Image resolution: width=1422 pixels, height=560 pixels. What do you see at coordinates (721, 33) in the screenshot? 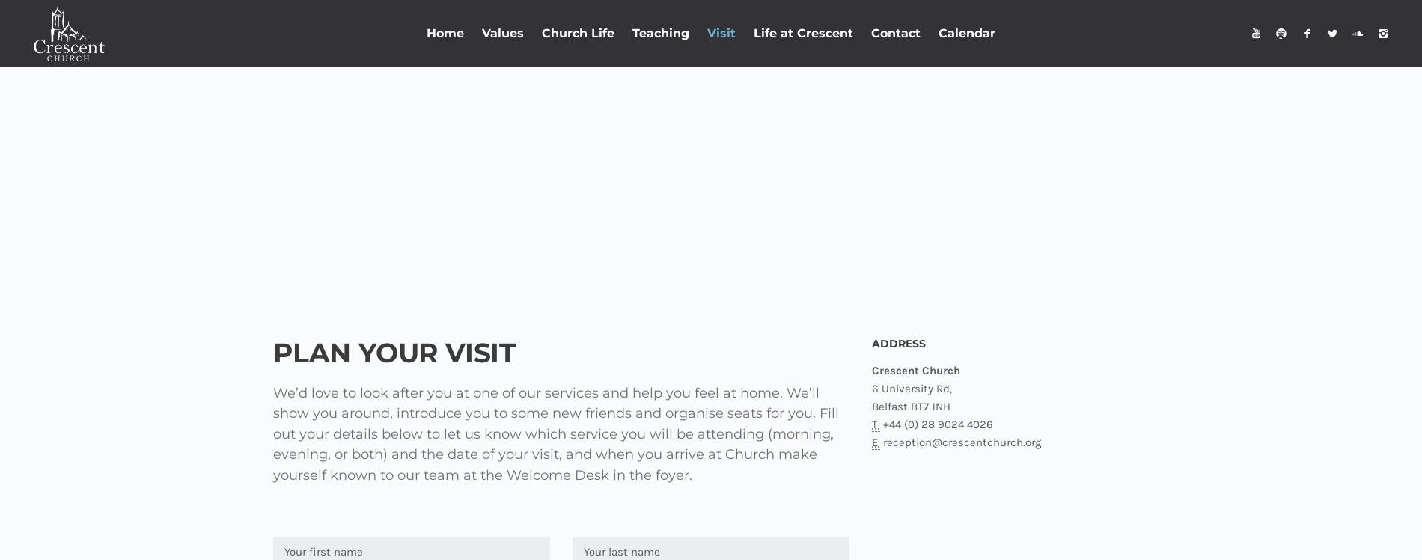
I see `'Visit'` at bounding box center [721, 33].